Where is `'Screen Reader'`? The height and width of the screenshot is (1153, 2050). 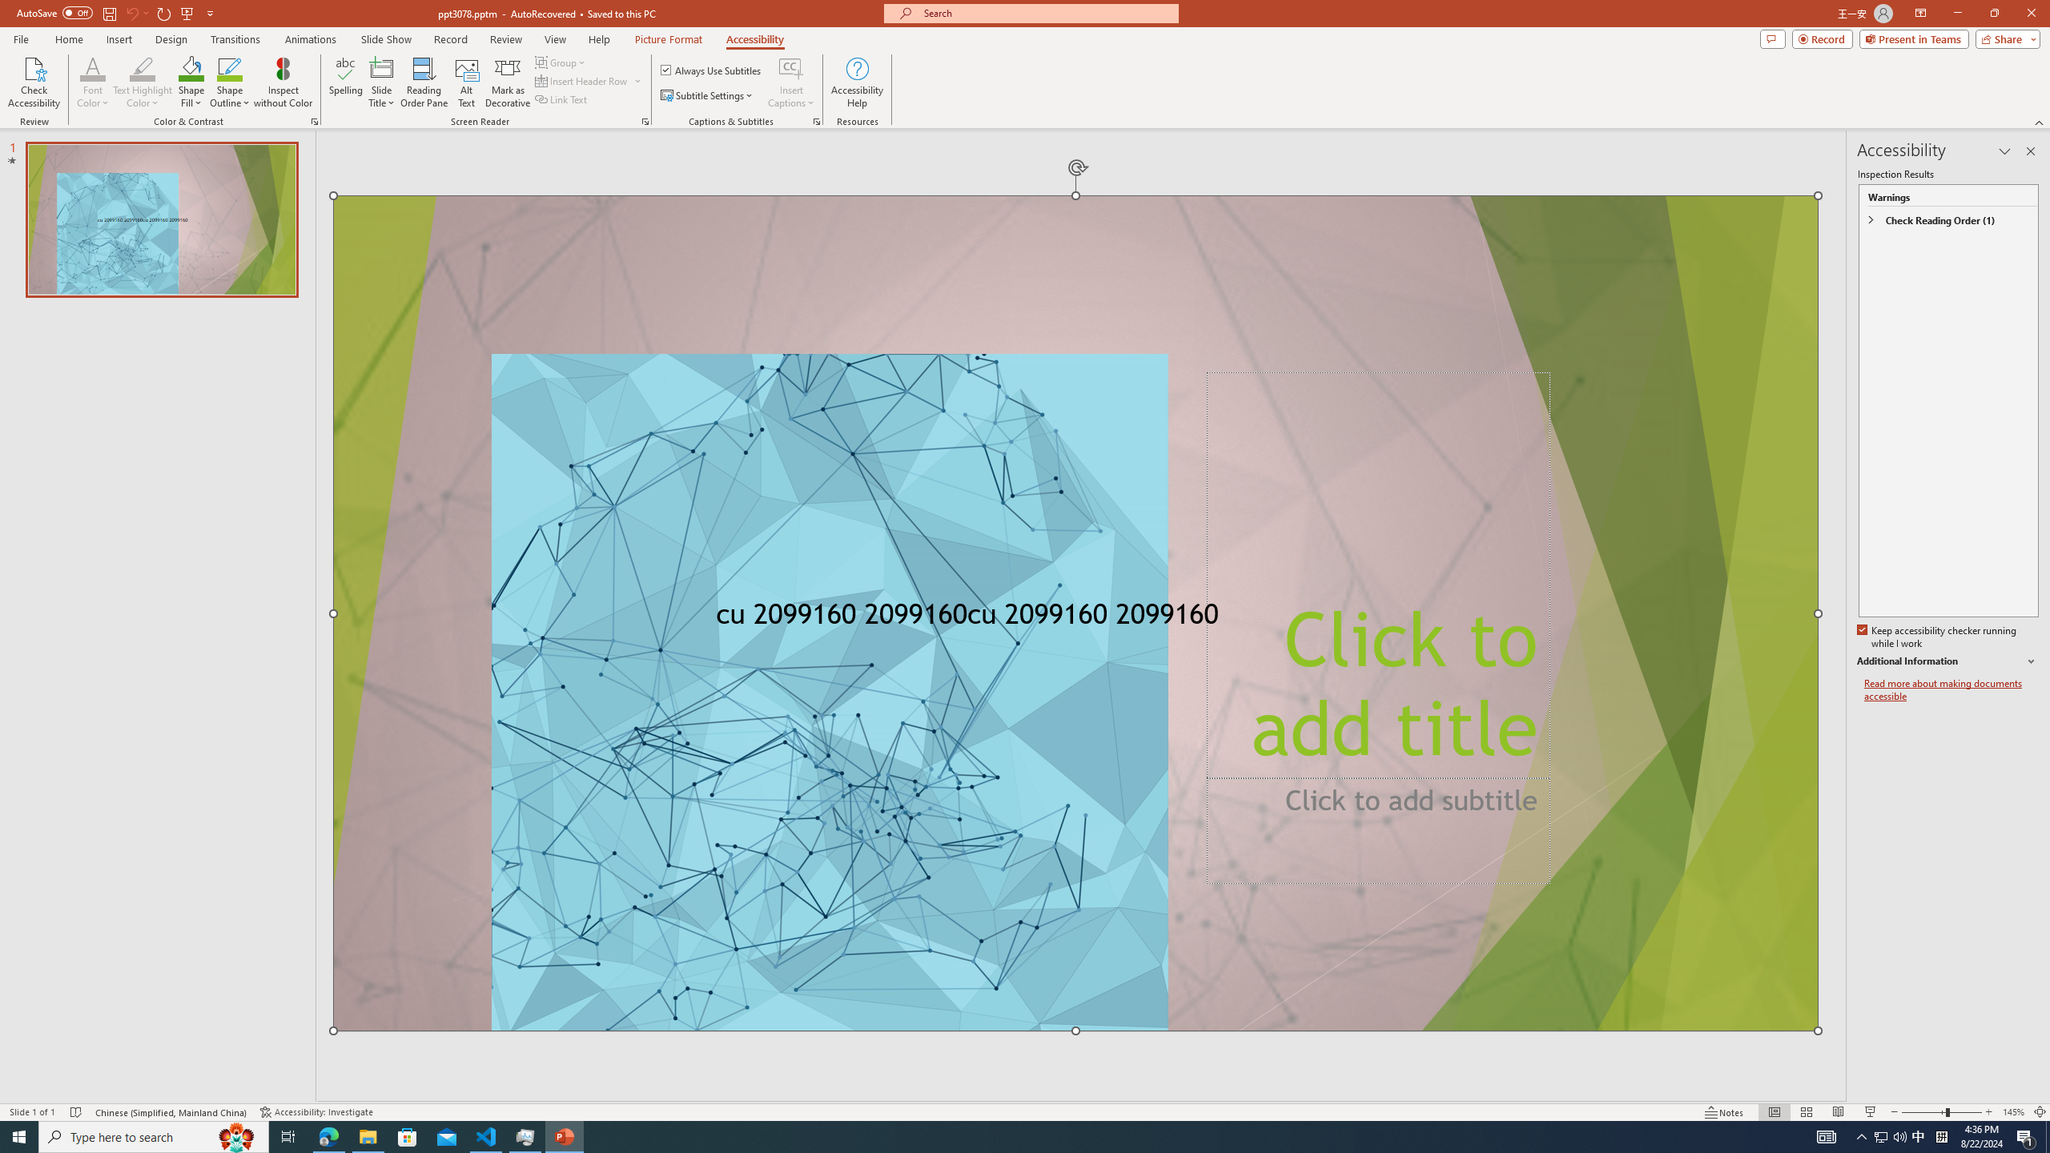 'Screen Reader' is located at coordinates (645, 120).